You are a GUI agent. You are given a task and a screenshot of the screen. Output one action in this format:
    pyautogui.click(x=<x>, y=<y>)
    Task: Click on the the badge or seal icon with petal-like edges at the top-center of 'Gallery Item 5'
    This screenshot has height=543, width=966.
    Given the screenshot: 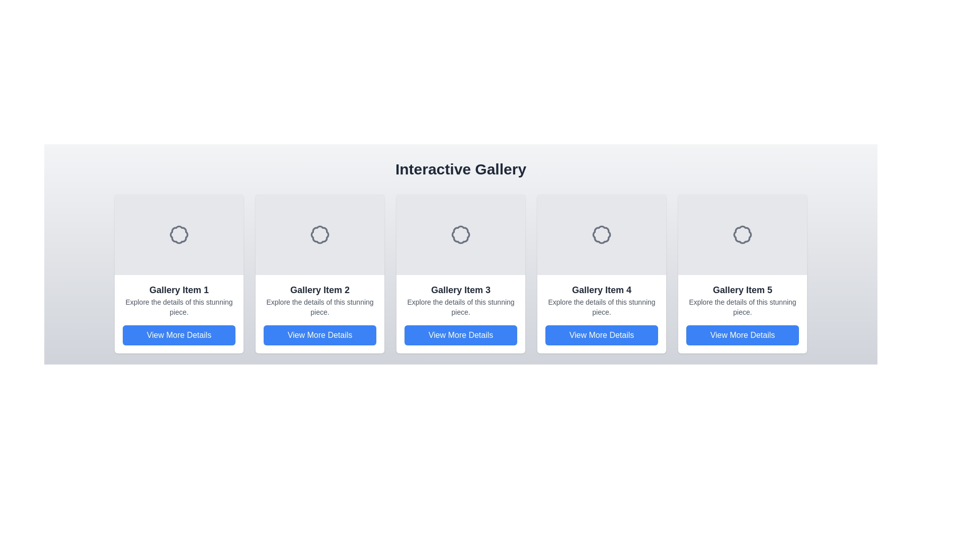 What is the action you would take?
    pyautogui.click(x=742, y=234)
    